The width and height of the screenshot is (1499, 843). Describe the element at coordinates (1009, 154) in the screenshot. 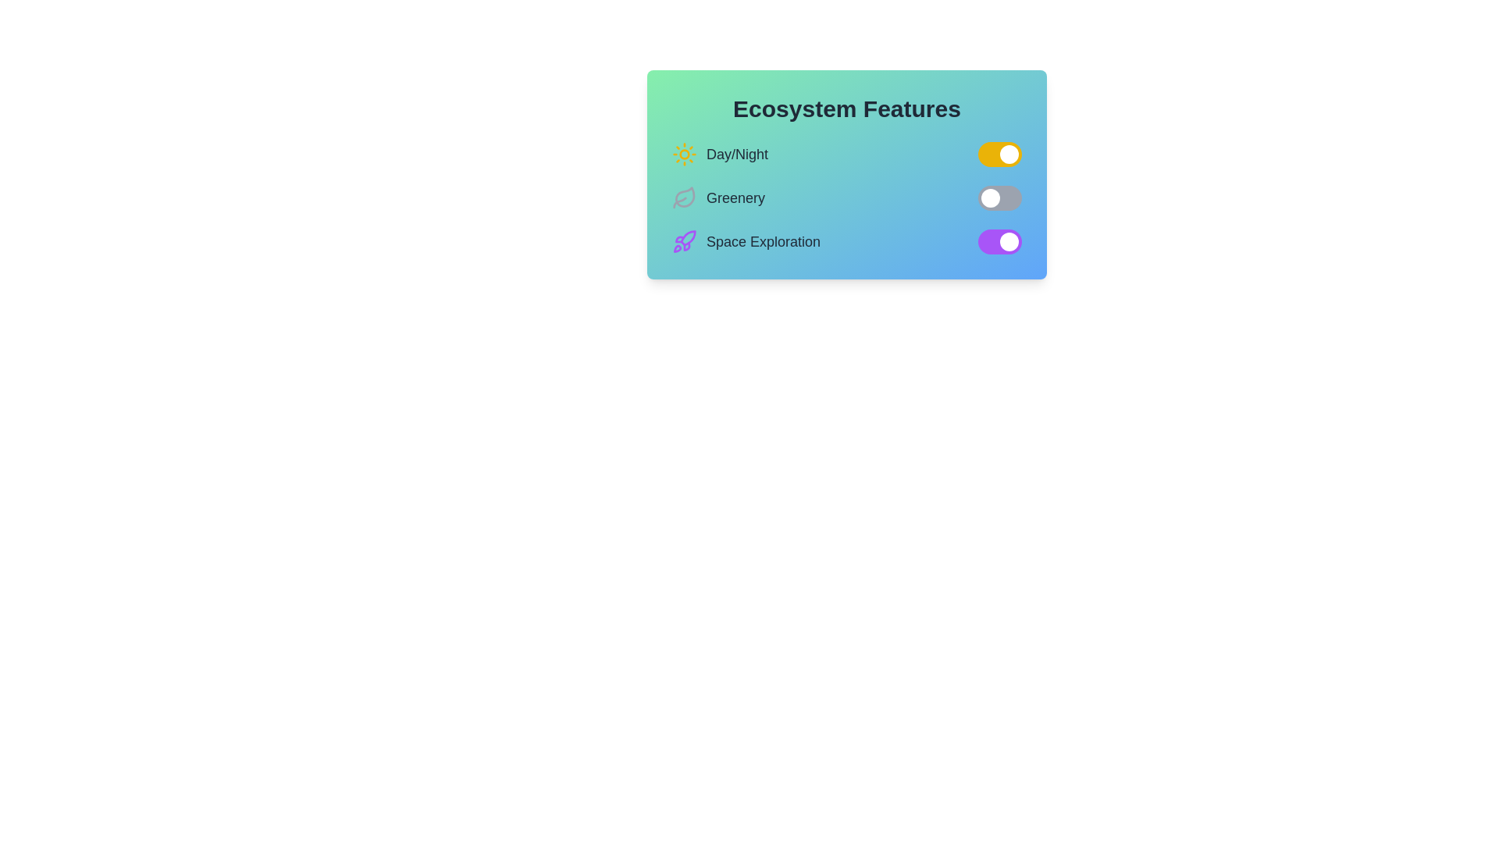

I see `the circular white toggle knob on the right side of the yellow background for the 'Day/Night' feature` at that location.